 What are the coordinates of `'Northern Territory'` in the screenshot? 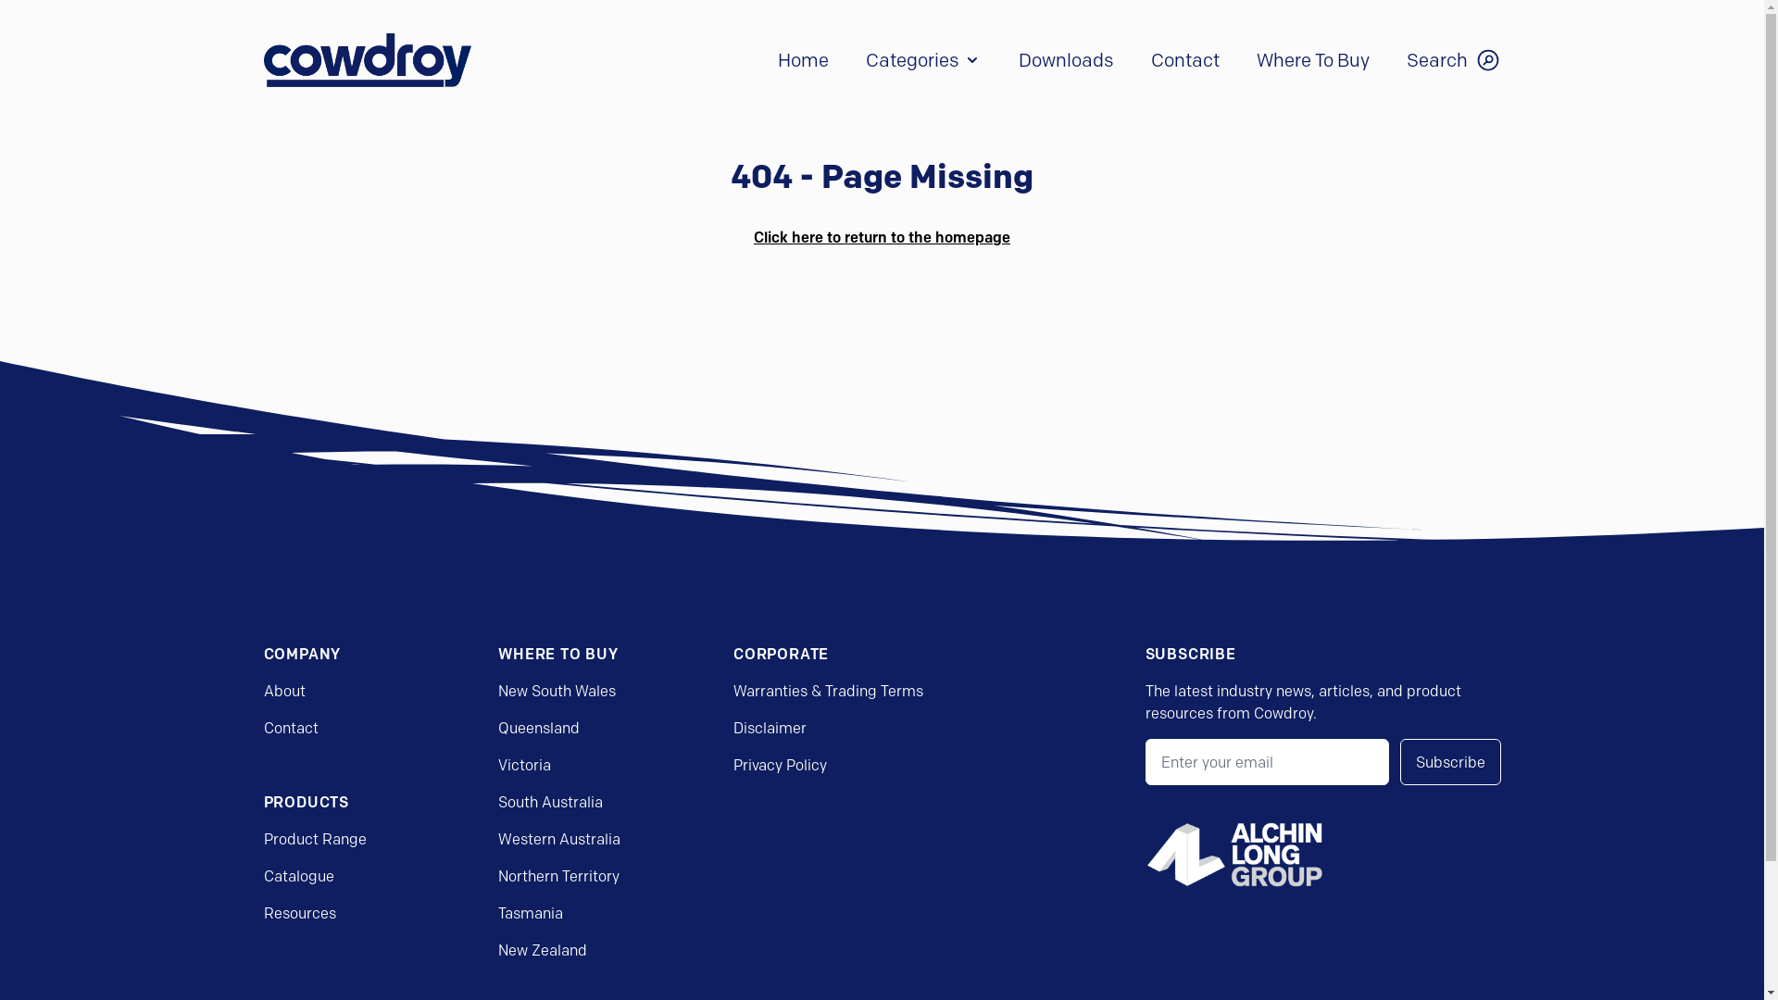 It's located at (497, 875).